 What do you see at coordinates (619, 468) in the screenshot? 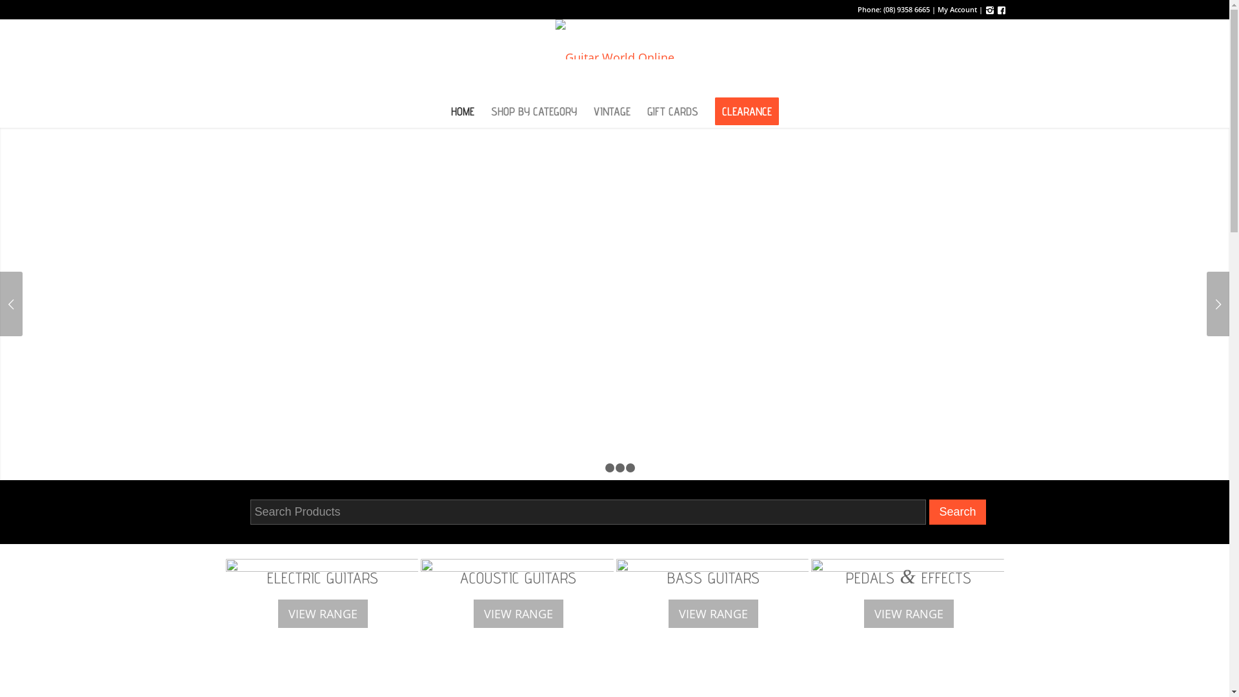
I see `'3'` at bounding box center [619, 468].